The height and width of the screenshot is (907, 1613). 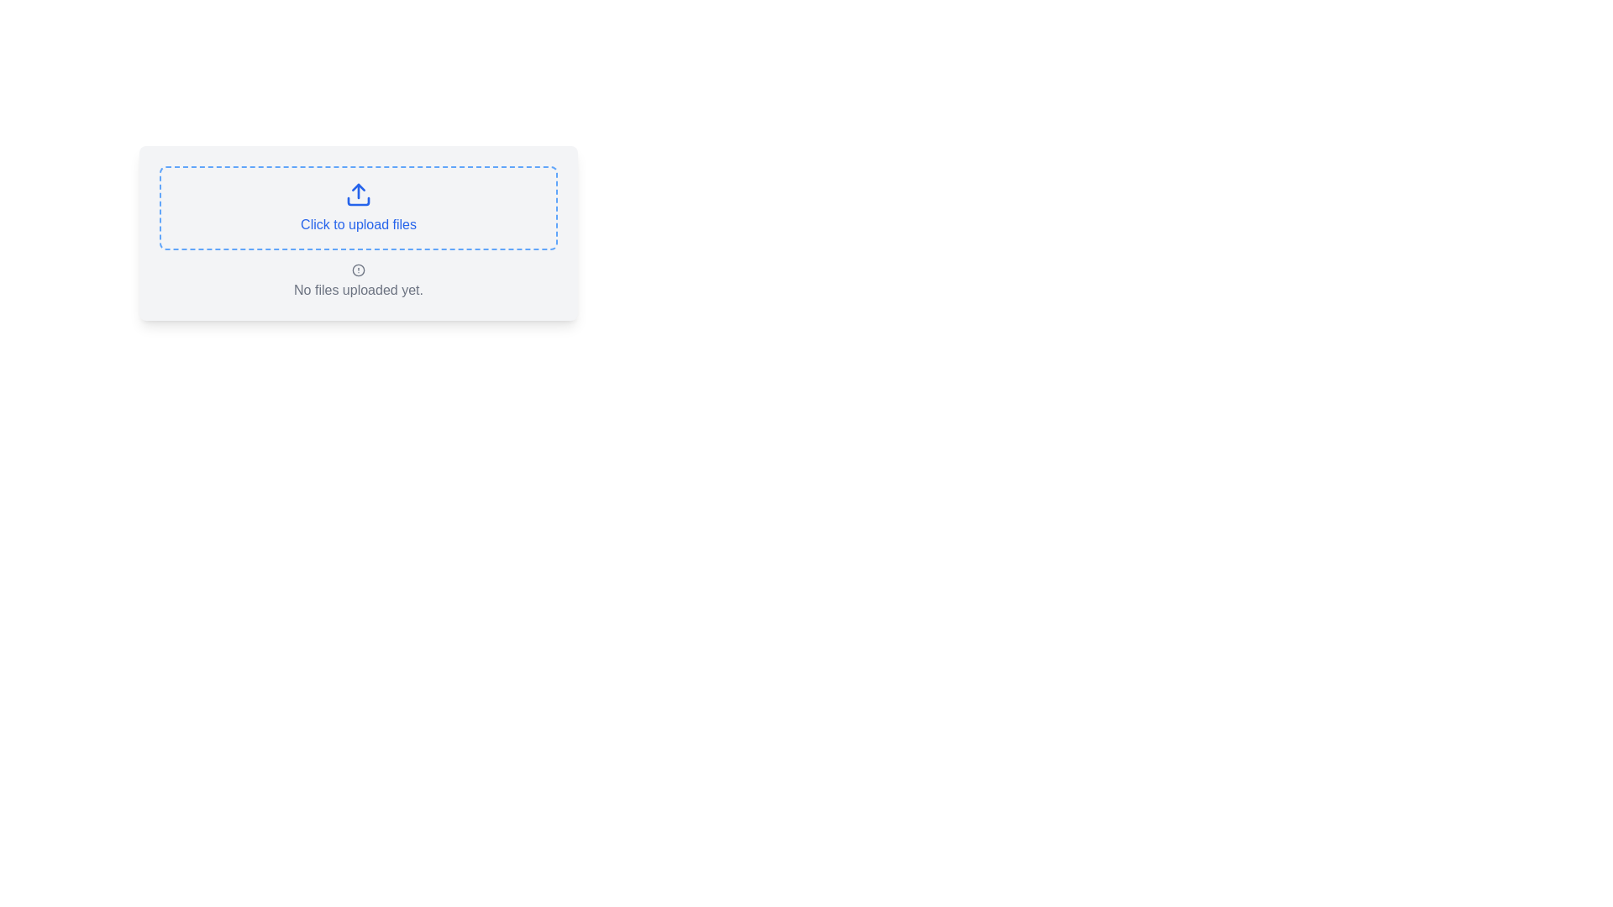 What do you see at coordinates (358, 193) in the screenshot?
I see `the blue upward-pointing arrow icon representing an upload action, which is centered within a dashed rectangular area containing the text 'Click to upload files'` at bounding box center [358, 193].